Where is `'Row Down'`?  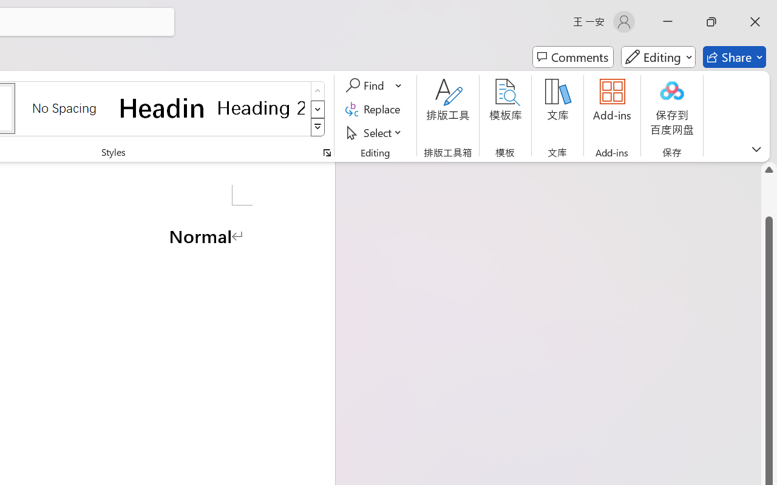
'Row Down' is located at coordinates (317, 109).